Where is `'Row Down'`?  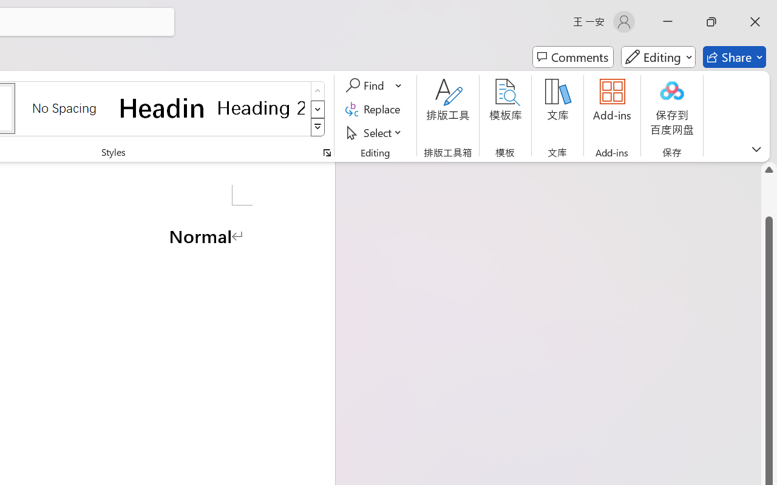
'Row Down' is located at coordinates (317, 109).